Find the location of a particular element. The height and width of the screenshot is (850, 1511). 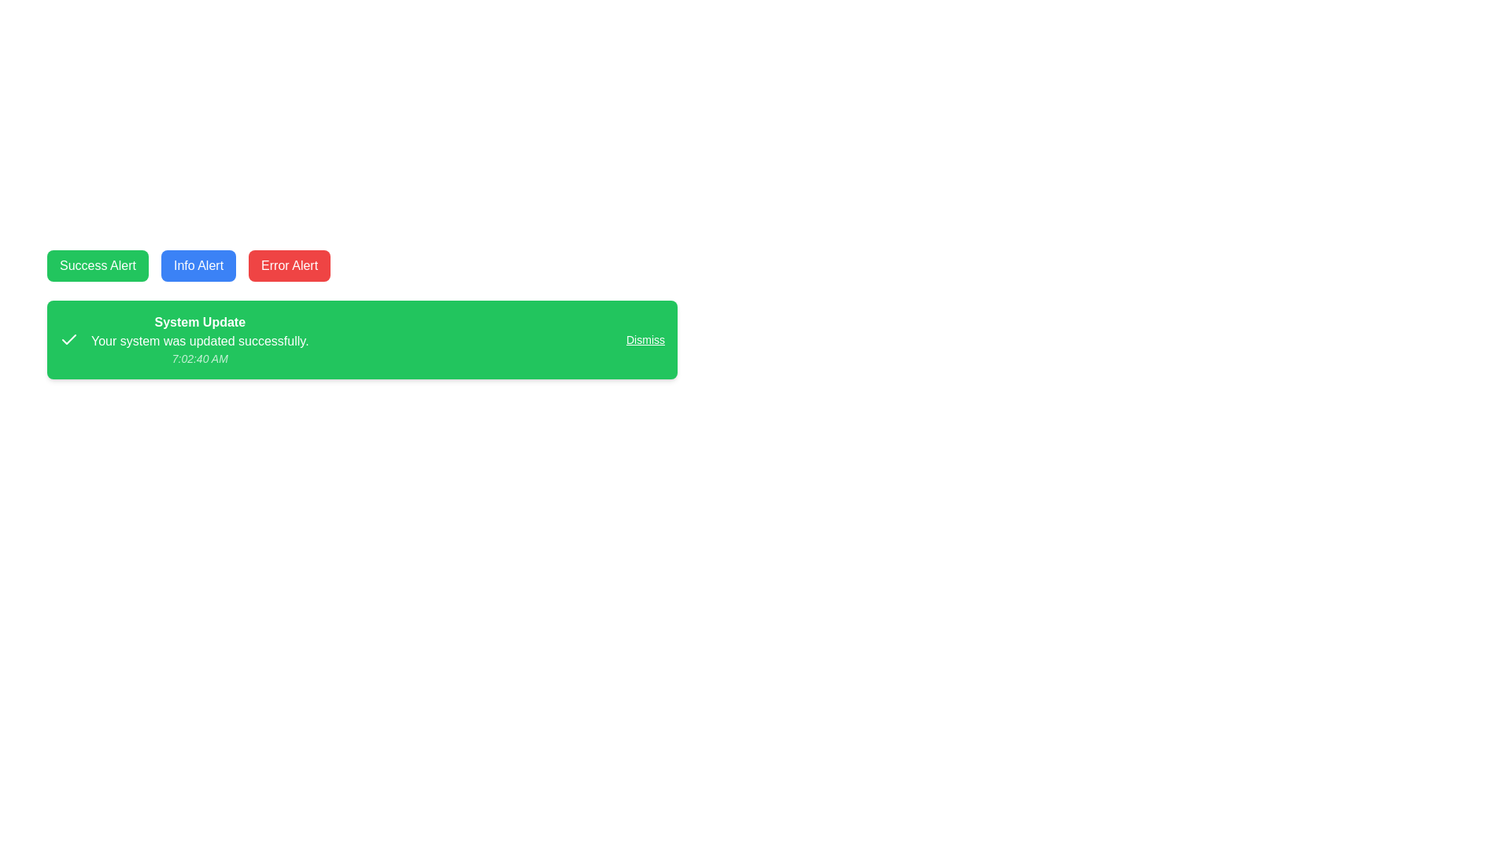

the static text element indicating the timestamp of the system update, located below the message 'Your system was updated successfully.' in the green notification card is located at coordinates (199, 358).